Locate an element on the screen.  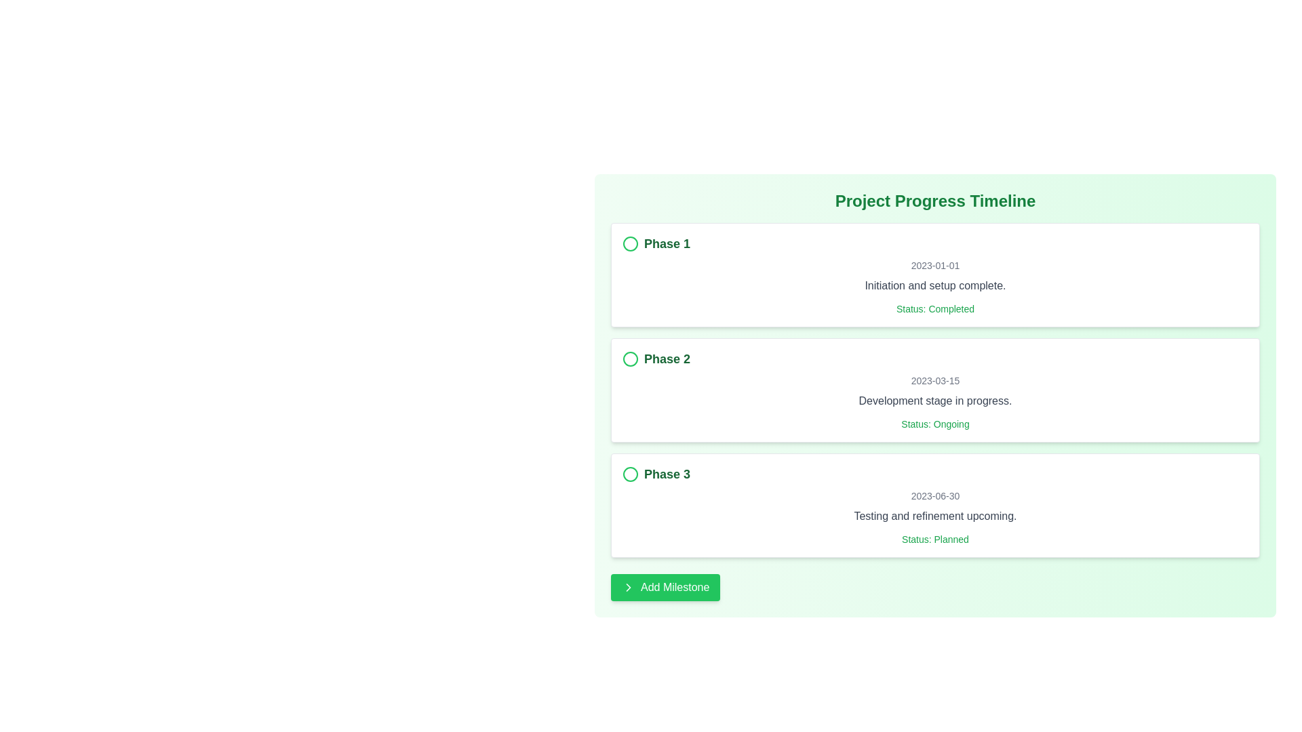
the Circular status indicator representing 'Phase 1' is located at coordinates (630, 243).